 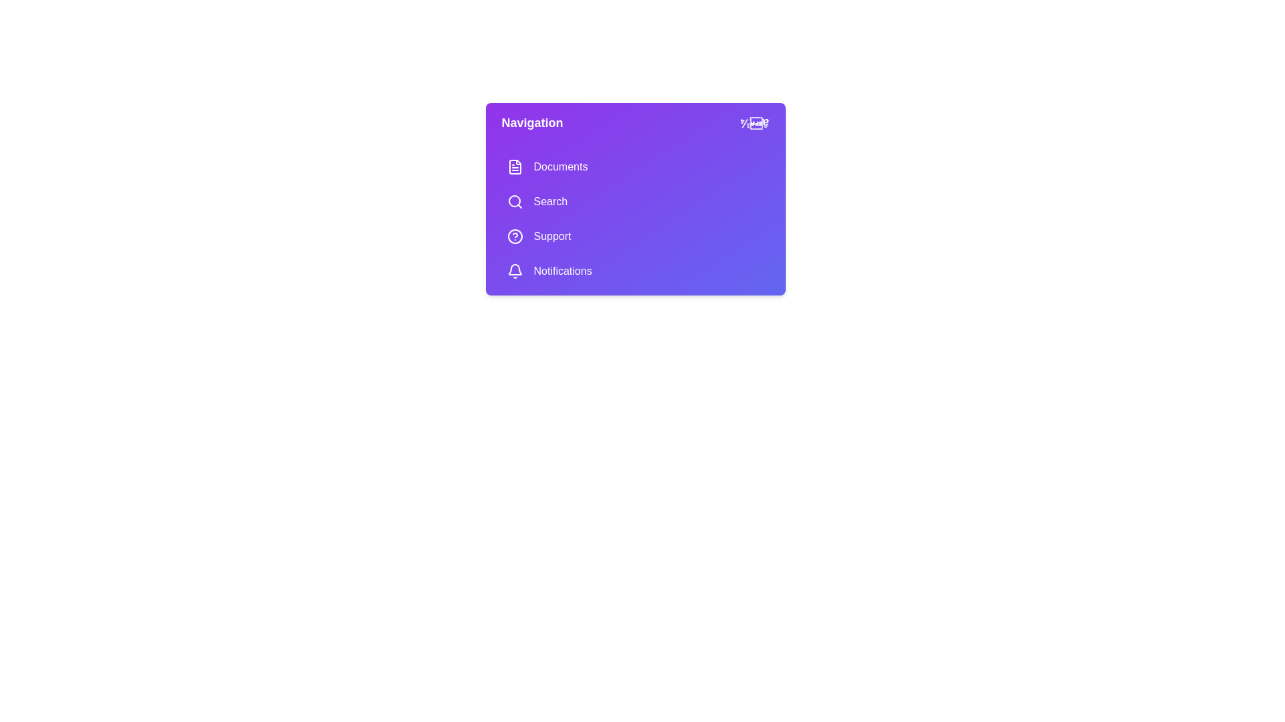 What do you see at coordinates (634, 271) in the screenshot?
I see `the menu item Notifications to observe the visual feedback` at bounding box center [634, 271].